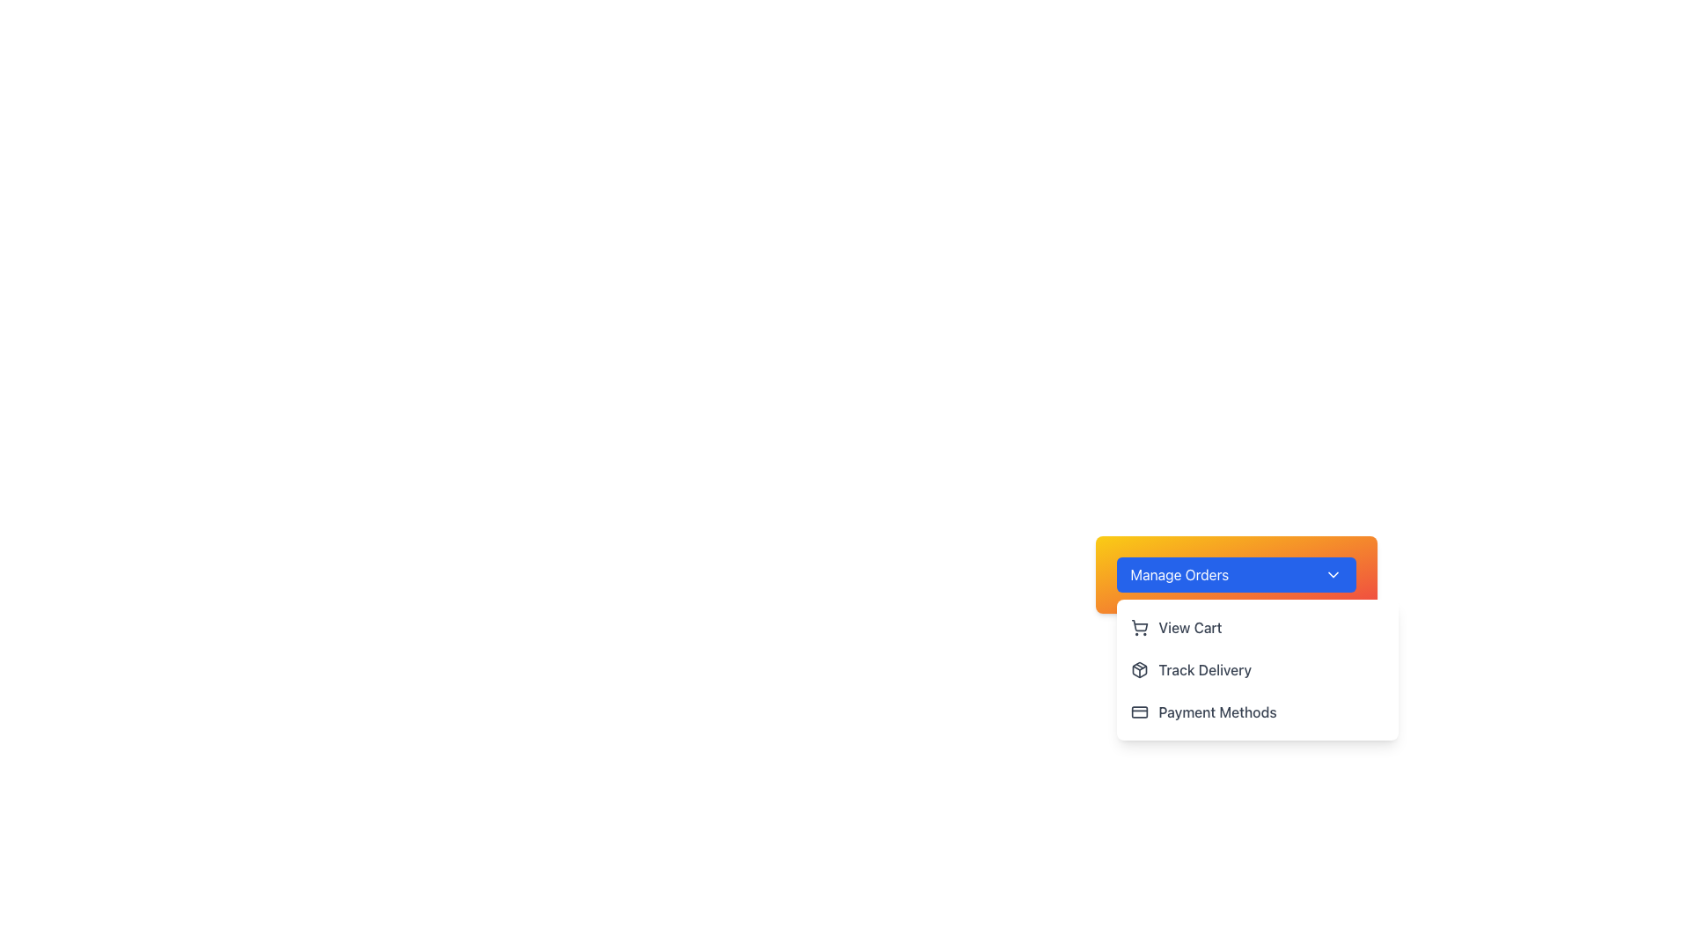 Image resolution: width=1690 pixels, height=951 pixels. I want to click on the 'Manage Payment Methods' menu item located at the bottom of the vertical list under the 'Manage Orders' dropdown, so click(1256, 711).